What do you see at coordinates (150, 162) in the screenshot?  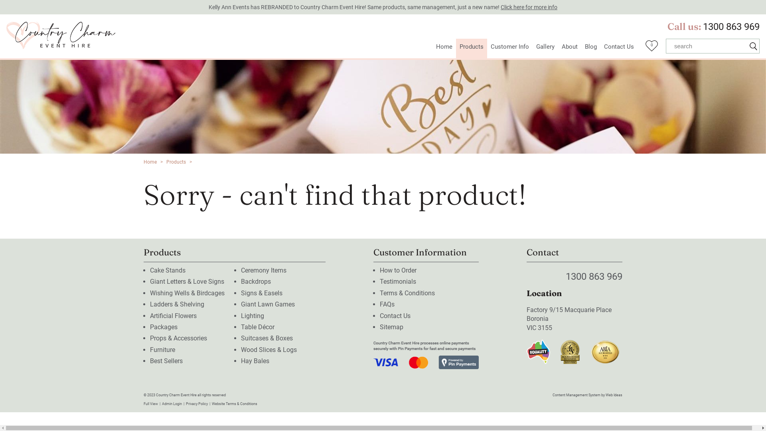 I see `'Home'` at bounding box center [150, 162].